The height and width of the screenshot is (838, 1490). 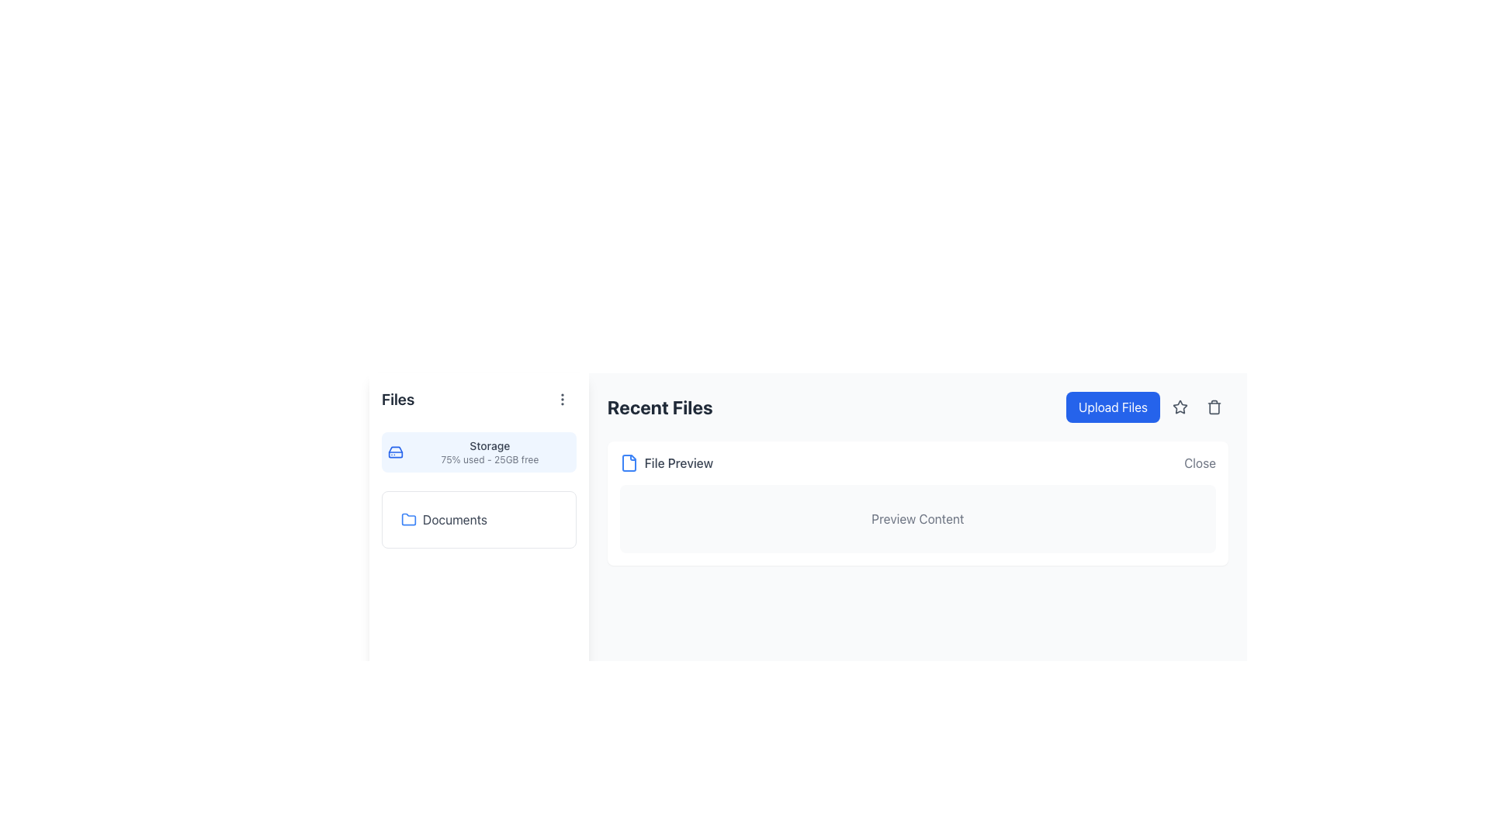 I want to click on the 'File Preview' text label located in the 'Recent Files' section, so click(x=667, y=462).